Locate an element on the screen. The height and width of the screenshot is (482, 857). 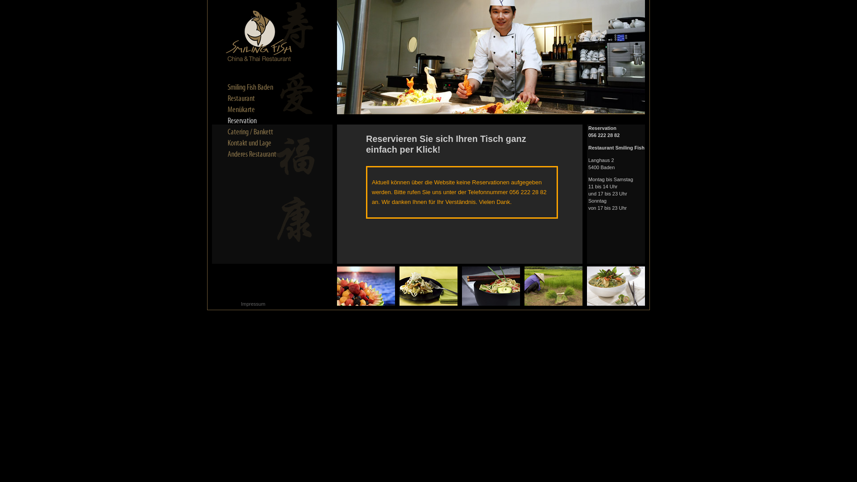
'Smiling Fish Baden' is located at coordinates (258, 87).